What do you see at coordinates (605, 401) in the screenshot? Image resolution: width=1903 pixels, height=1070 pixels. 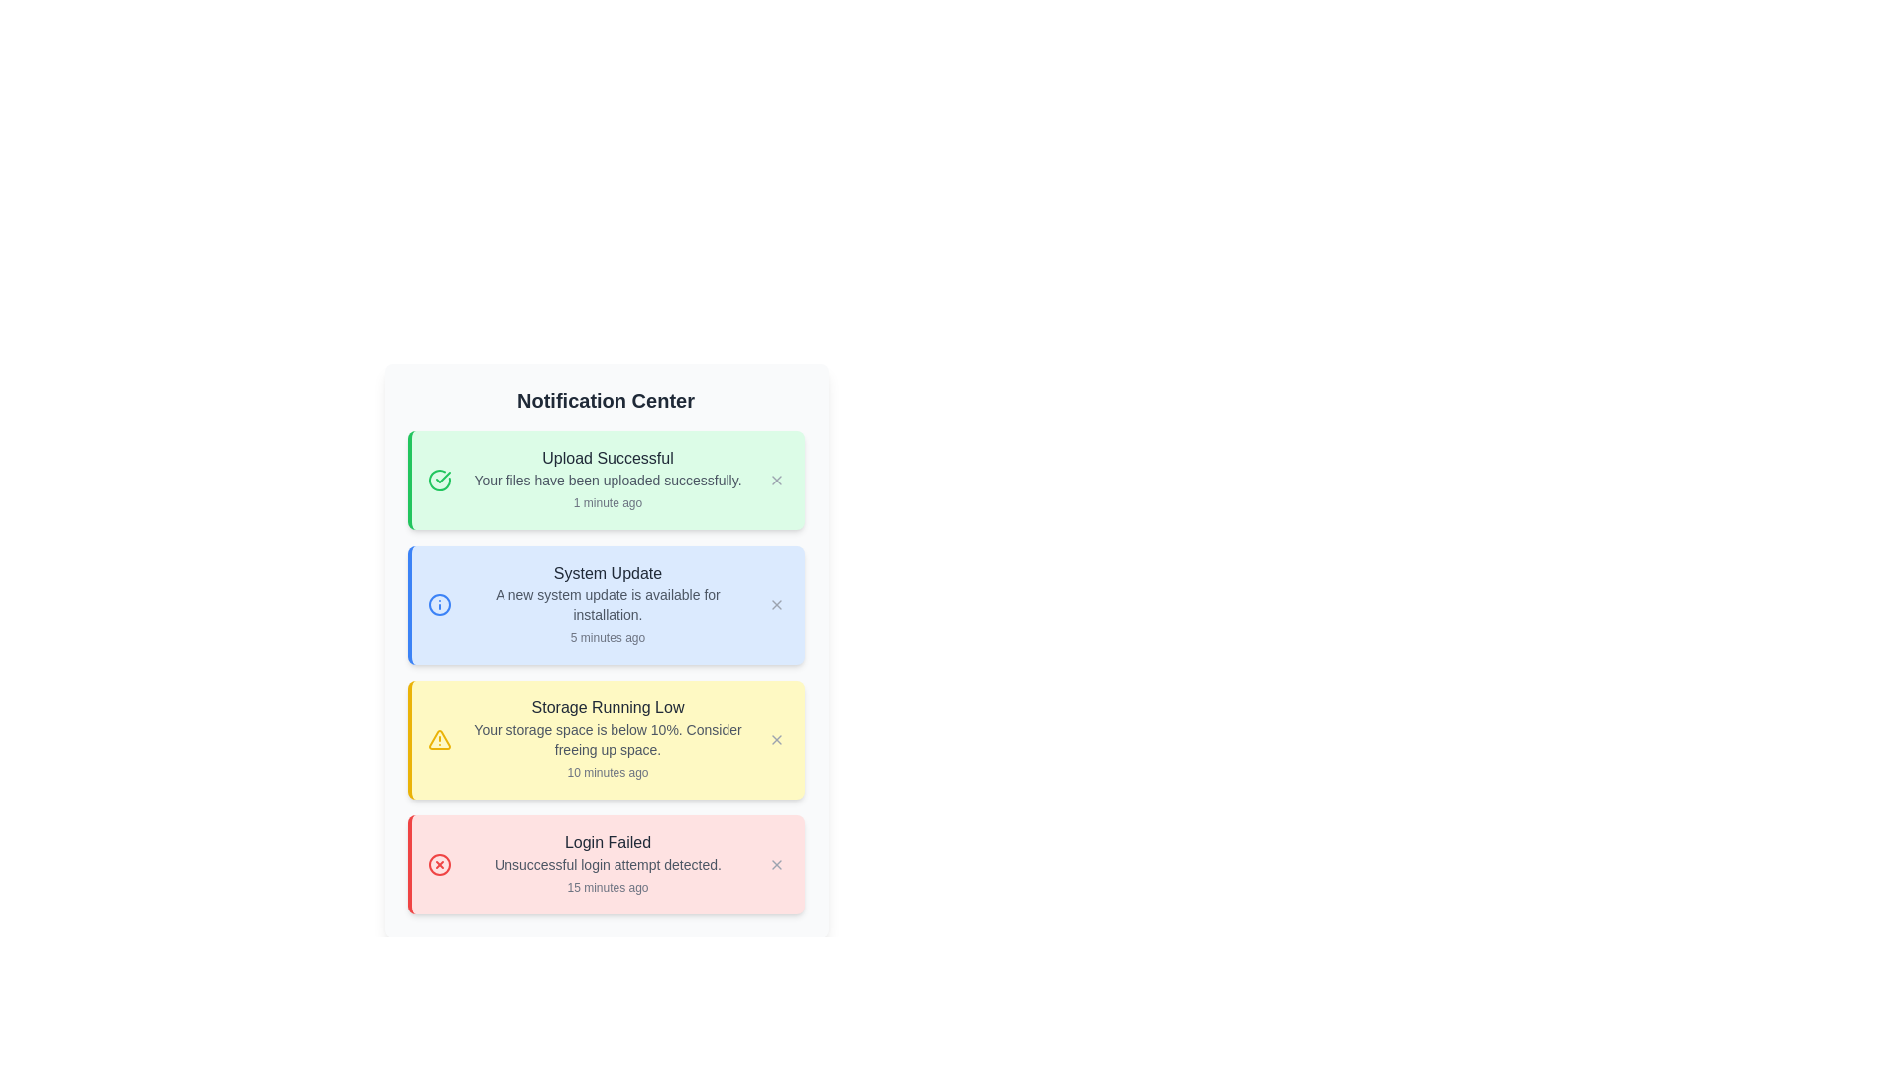 I see `the title text element at the top of the notification center, which indicates the purpose of the panel` at bounding box center [605, 401].